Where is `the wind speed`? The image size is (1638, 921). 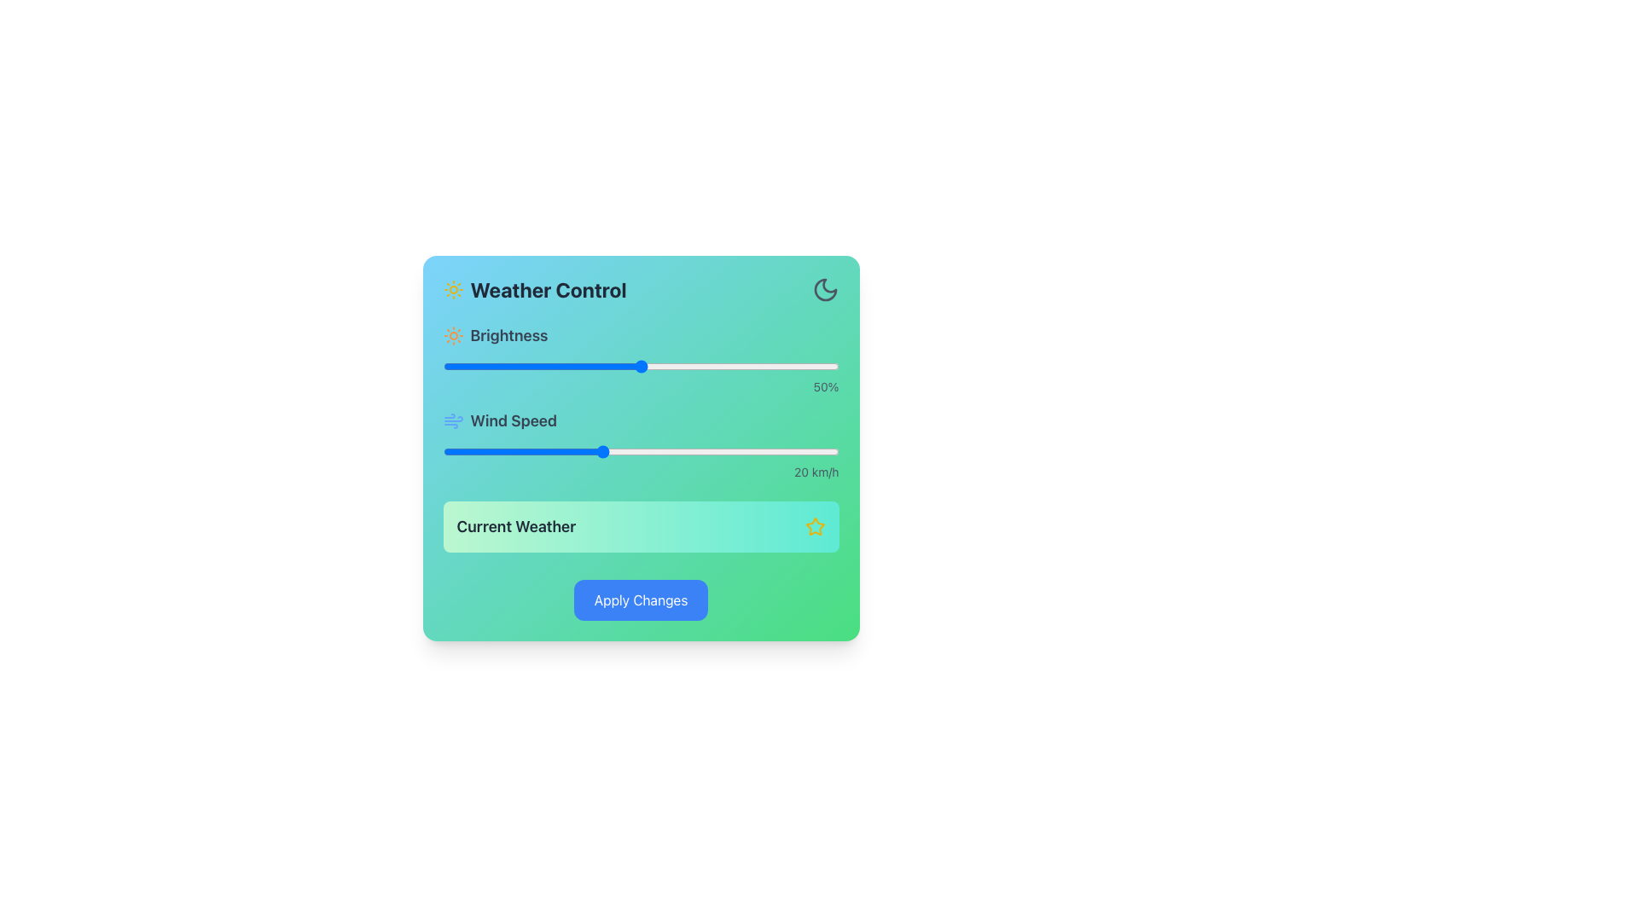 the wind speed is located at coordinates (569, 450).